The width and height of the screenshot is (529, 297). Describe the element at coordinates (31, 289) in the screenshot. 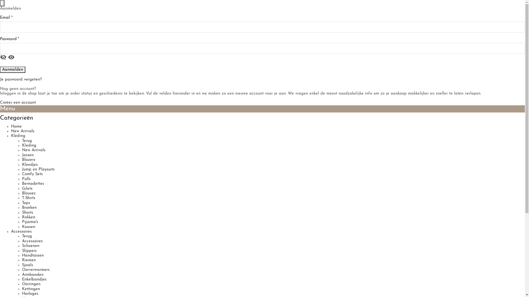

I see `'Kettingen'` at that location.